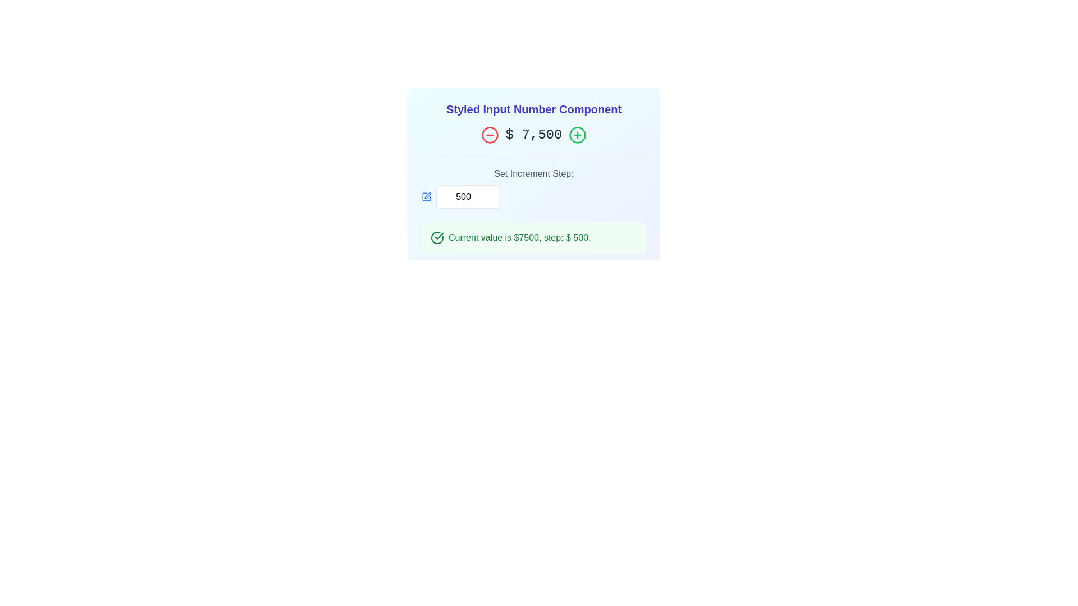 This screenshot has height=606, width=1078. Describe the element at coordinates (533, 173) in the screenshot. I see `the label that describes the increment step for the numeric input field, which is located slightly above the input box in the middle section of the interface` at that location.